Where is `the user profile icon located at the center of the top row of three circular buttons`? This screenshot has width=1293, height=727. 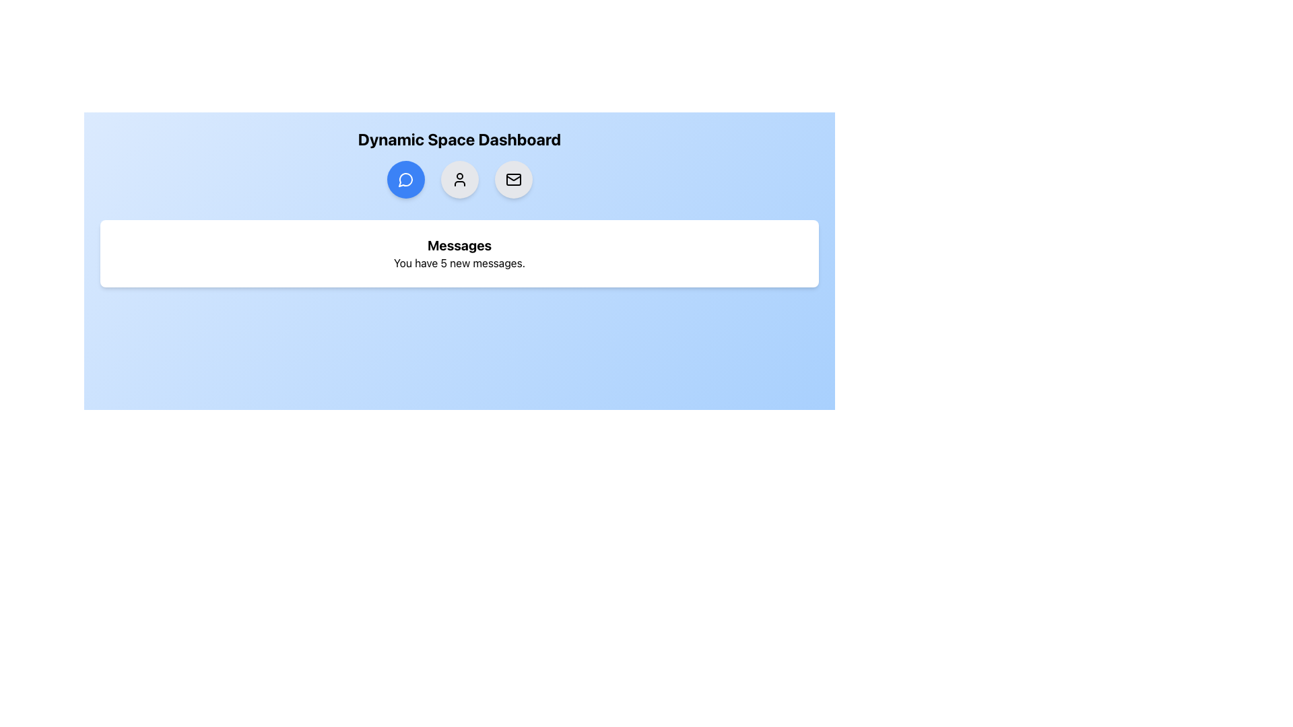 the user profile icon located at the center of the top row of three circular buttons is located at coordinates (459, 178).